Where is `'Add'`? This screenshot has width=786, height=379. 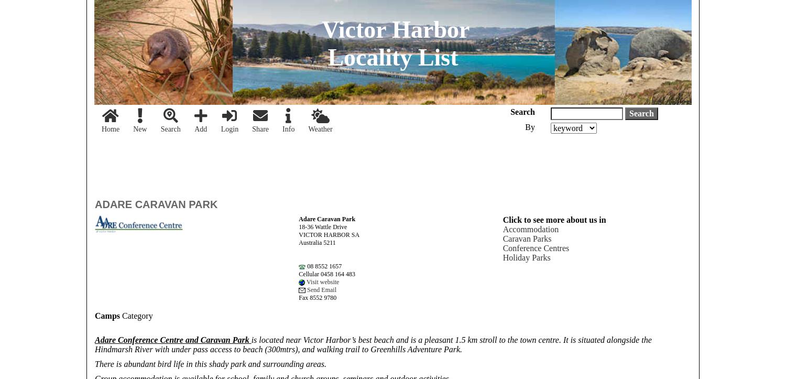
'Add' is located at coordinates (200, 128).